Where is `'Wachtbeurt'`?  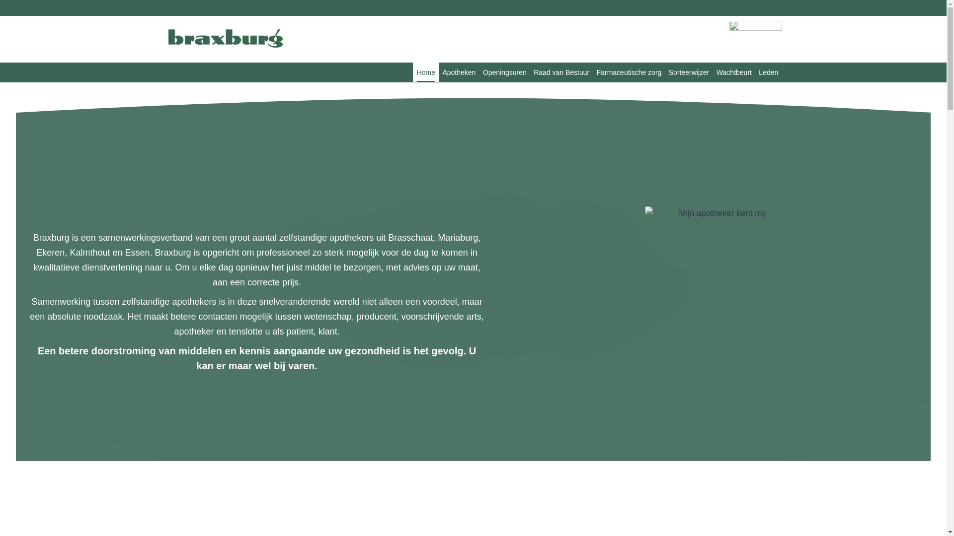 'Wachtbeurt' is located at coordinates (713, 71).